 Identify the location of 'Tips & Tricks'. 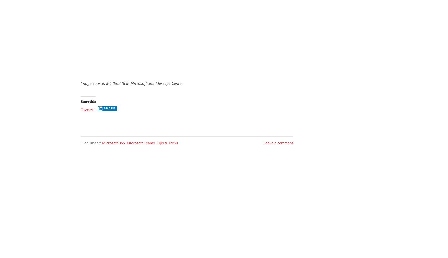
(167, 143).